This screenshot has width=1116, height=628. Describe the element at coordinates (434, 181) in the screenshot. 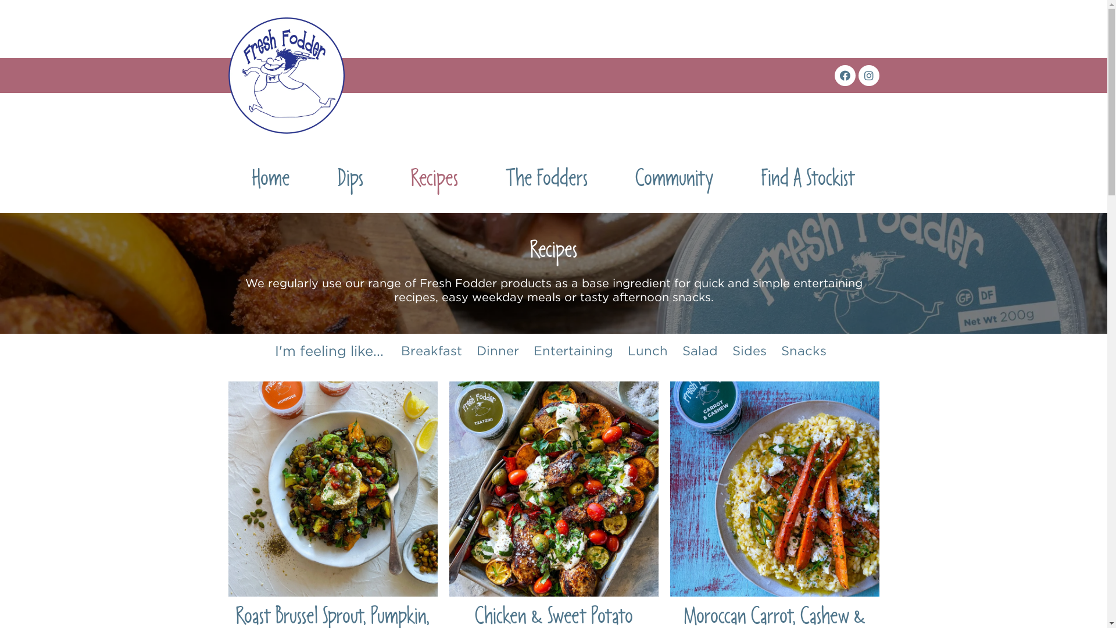

I see `'Recipes'` at that location.